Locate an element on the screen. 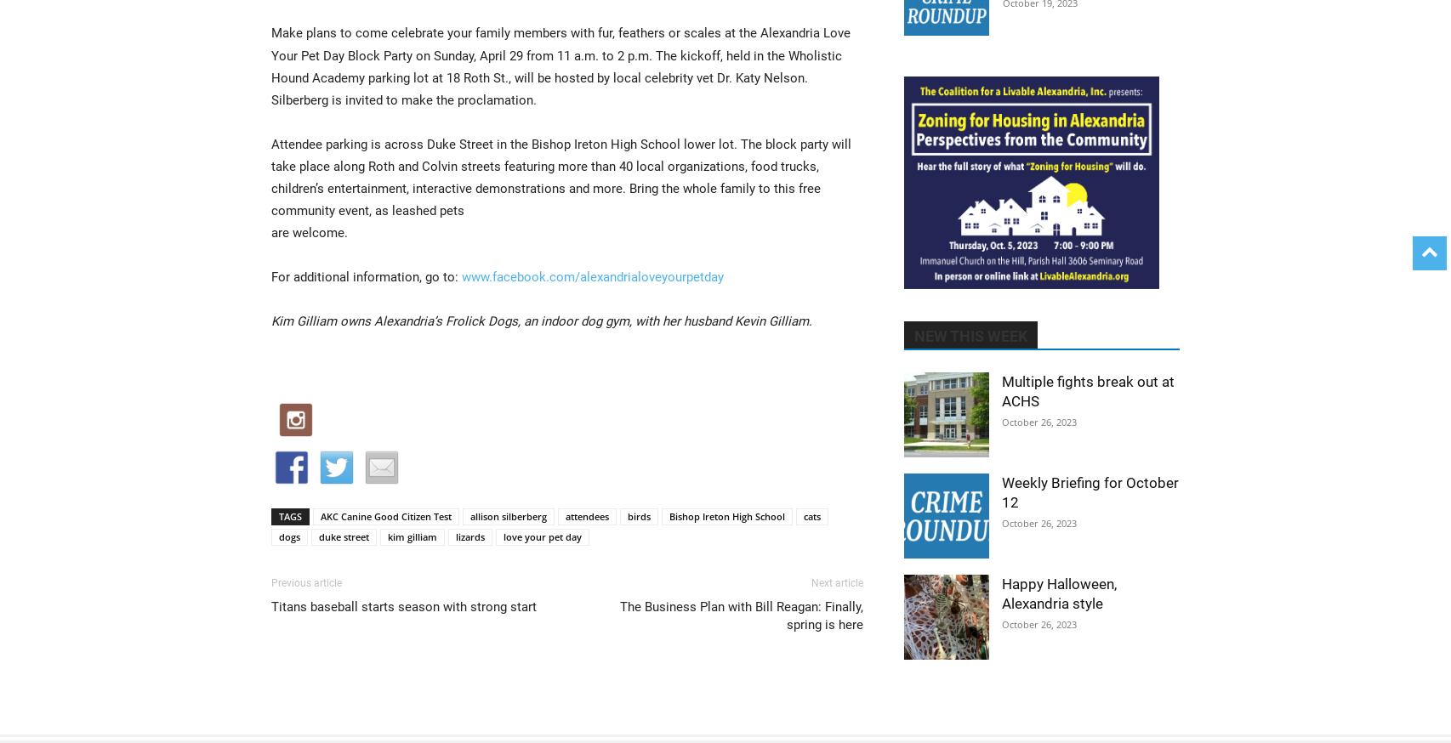 The width and height of the screenshot is (1451, 743). 'For additional information, go to:' is located at coordinates (271, 276).